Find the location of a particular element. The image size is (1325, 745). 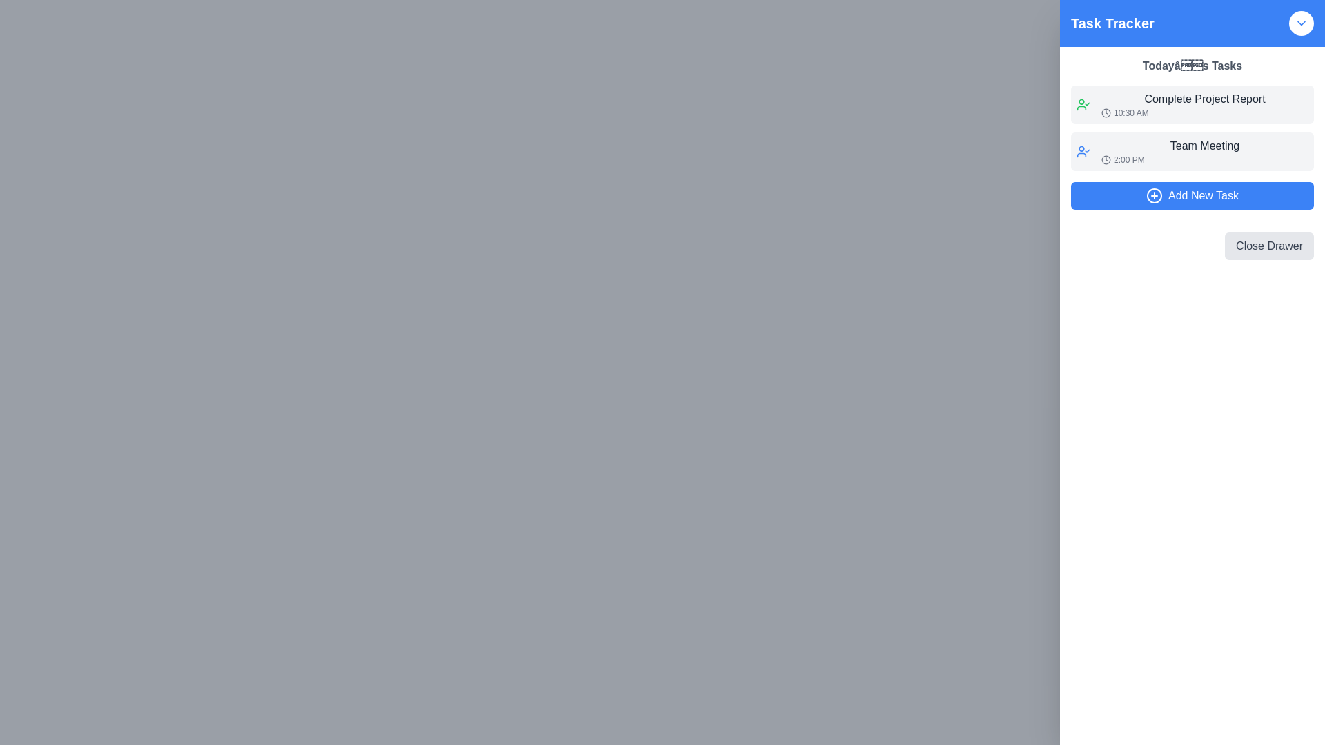

the 'Team Meeting' static text label with the subtext '2:00 PM' and adjacent clock icon in the 'Today's Tasks' section is located at coordinates (1204, 151).